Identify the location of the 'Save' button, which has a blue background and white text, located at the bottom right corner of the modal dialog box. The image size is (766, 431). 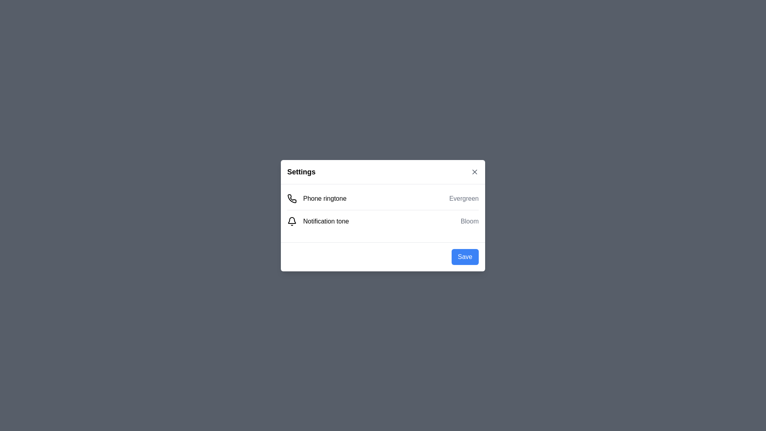
(465, 257).